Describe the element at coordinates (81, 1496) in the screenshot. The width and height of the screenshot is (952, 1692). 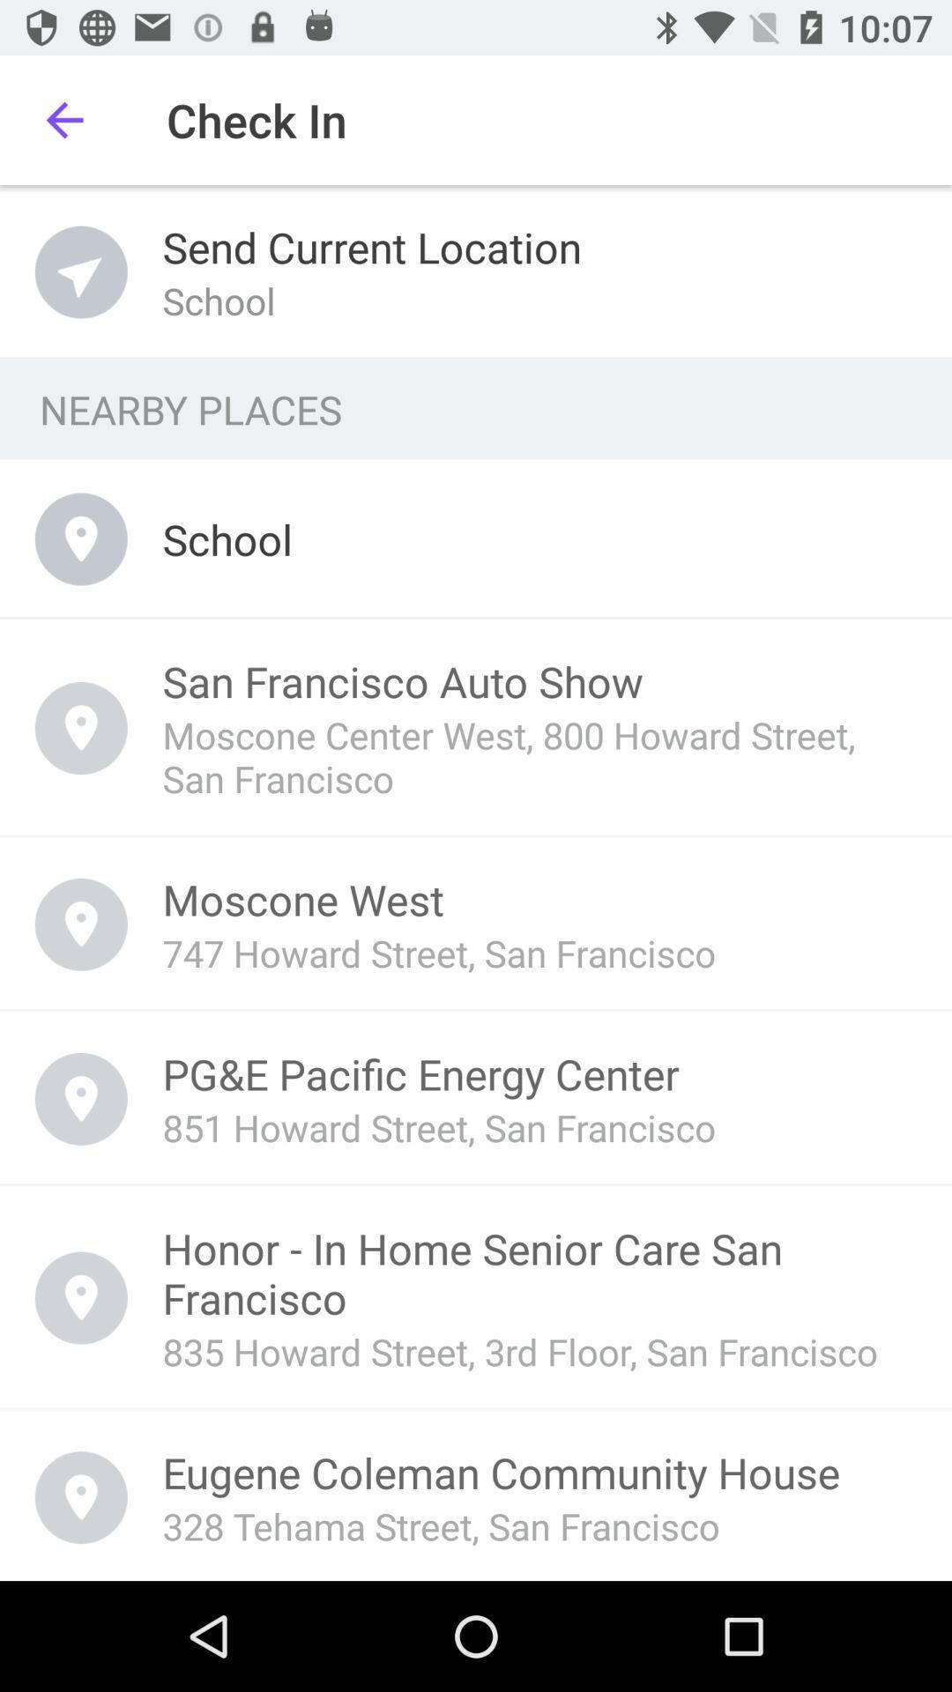
I see `left of last option` at that location.